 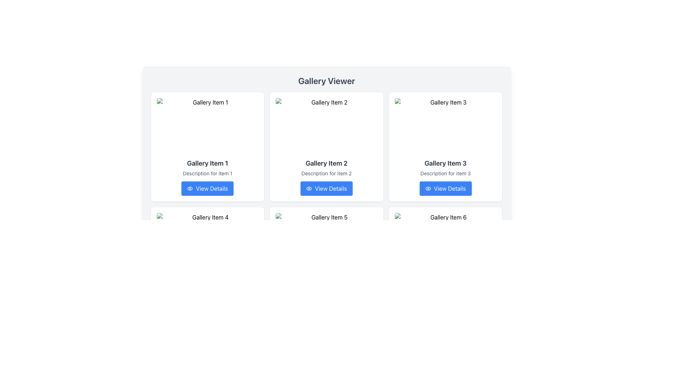 What do you see at coordinates (207, 188) in the screenshot?
I see `the 'View Details' button with rounded corners located at the bottom of the 'Gallery Item 1' card` at bounding box center [207, 188].